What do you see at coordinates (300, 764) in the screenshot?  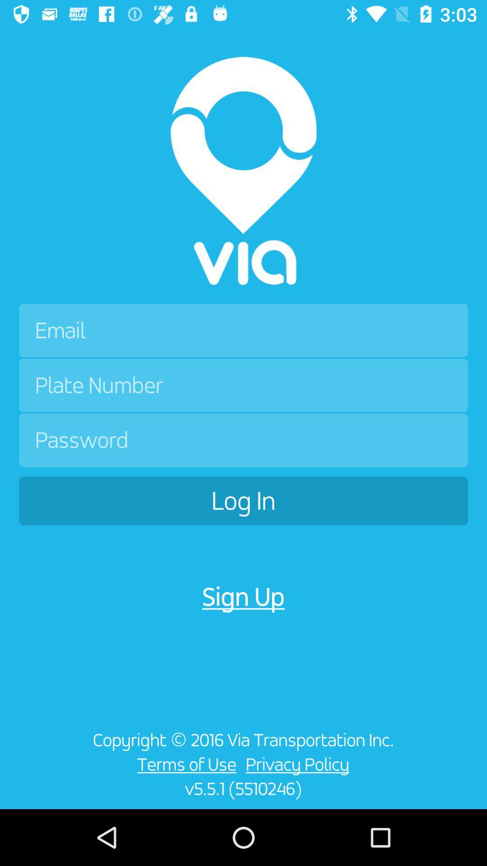 I see `the privacy policy` at bounding box center [300, 764].